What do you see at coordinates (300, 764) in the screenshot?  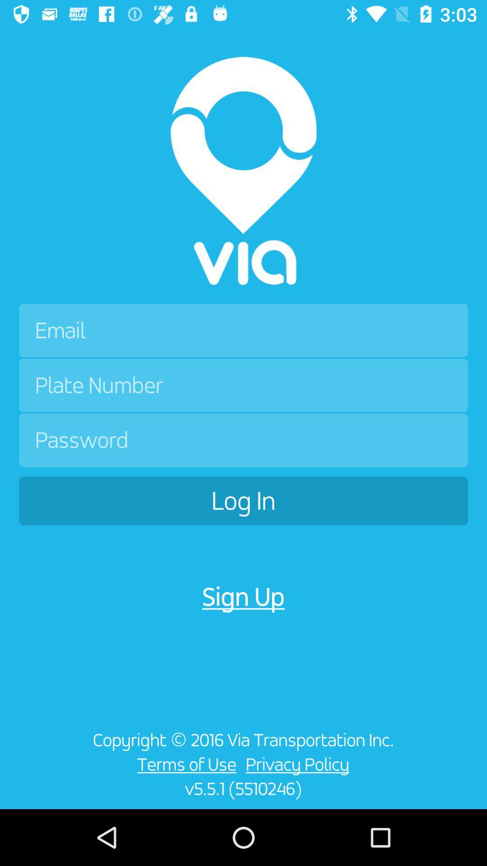 I see `the privacy policy` at bounding box center [300, 764].